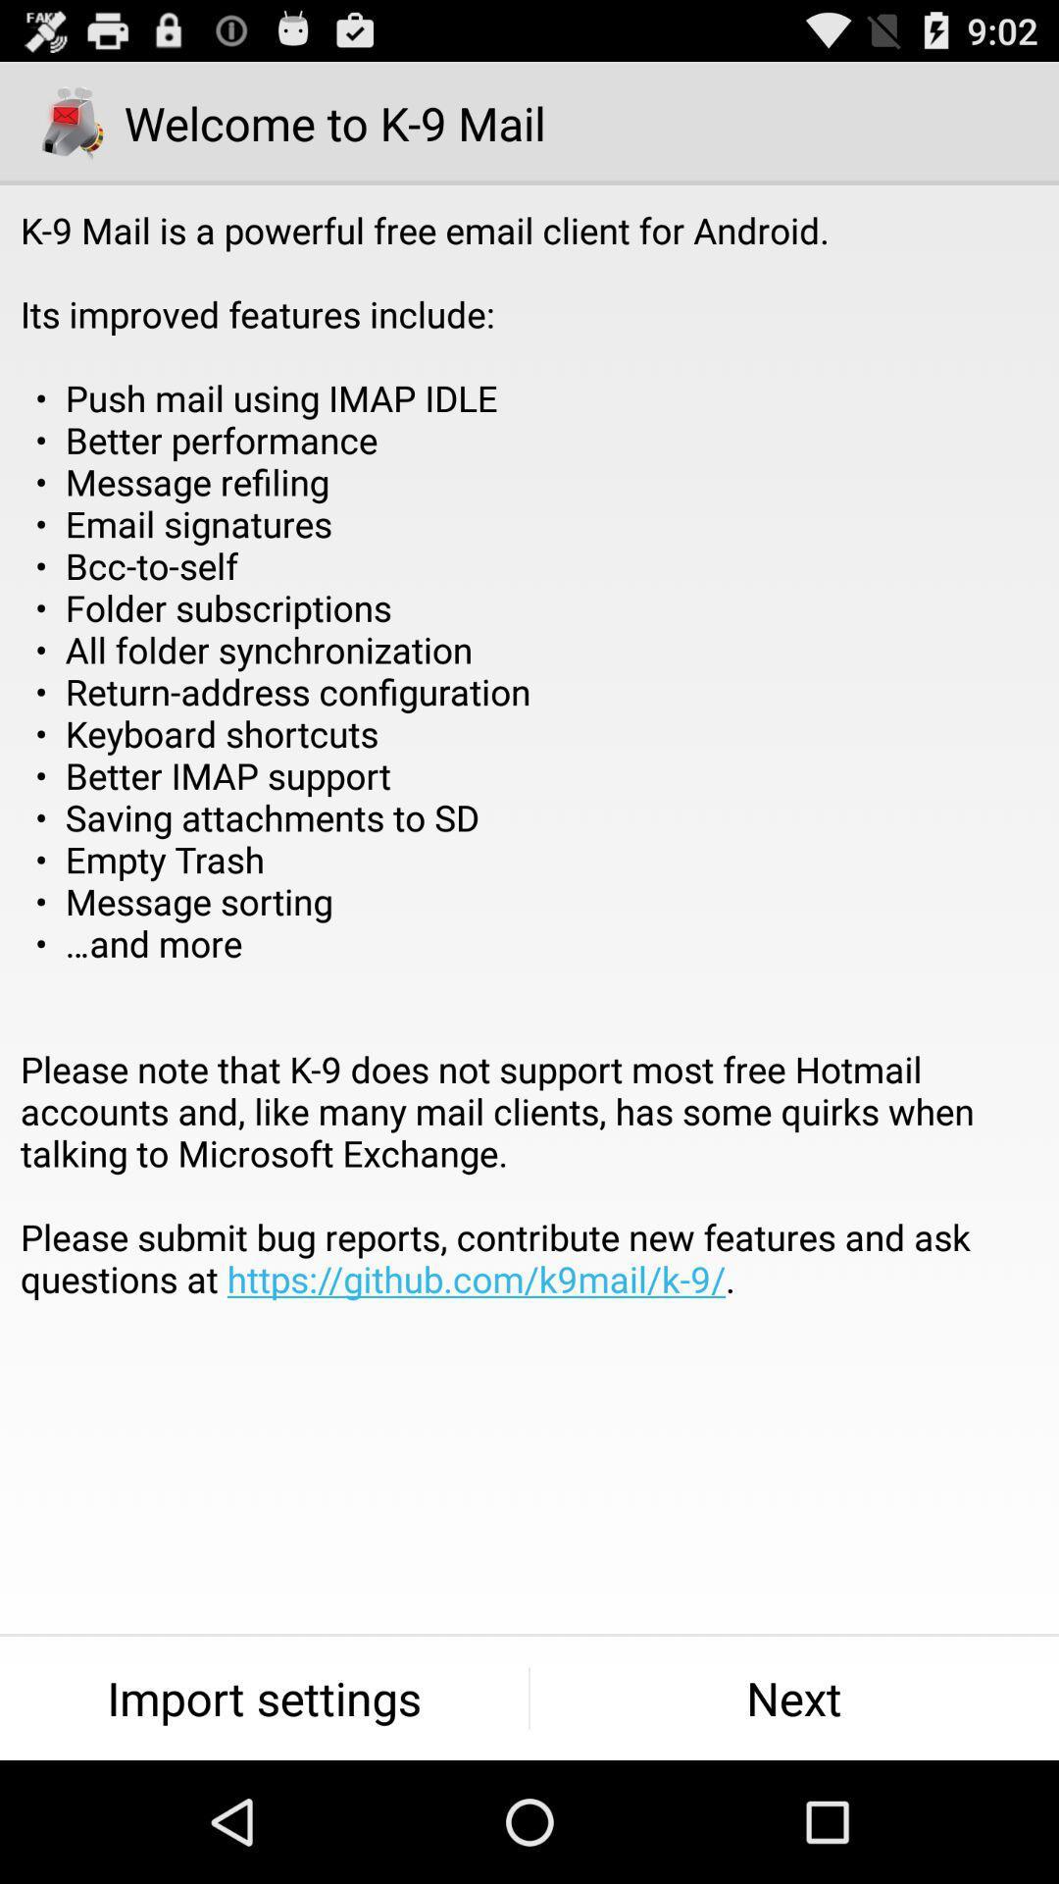 The width and height of the screenshot is (1059, 1884). I want to click on the button at the bottom right corner, so click(794, 1698).